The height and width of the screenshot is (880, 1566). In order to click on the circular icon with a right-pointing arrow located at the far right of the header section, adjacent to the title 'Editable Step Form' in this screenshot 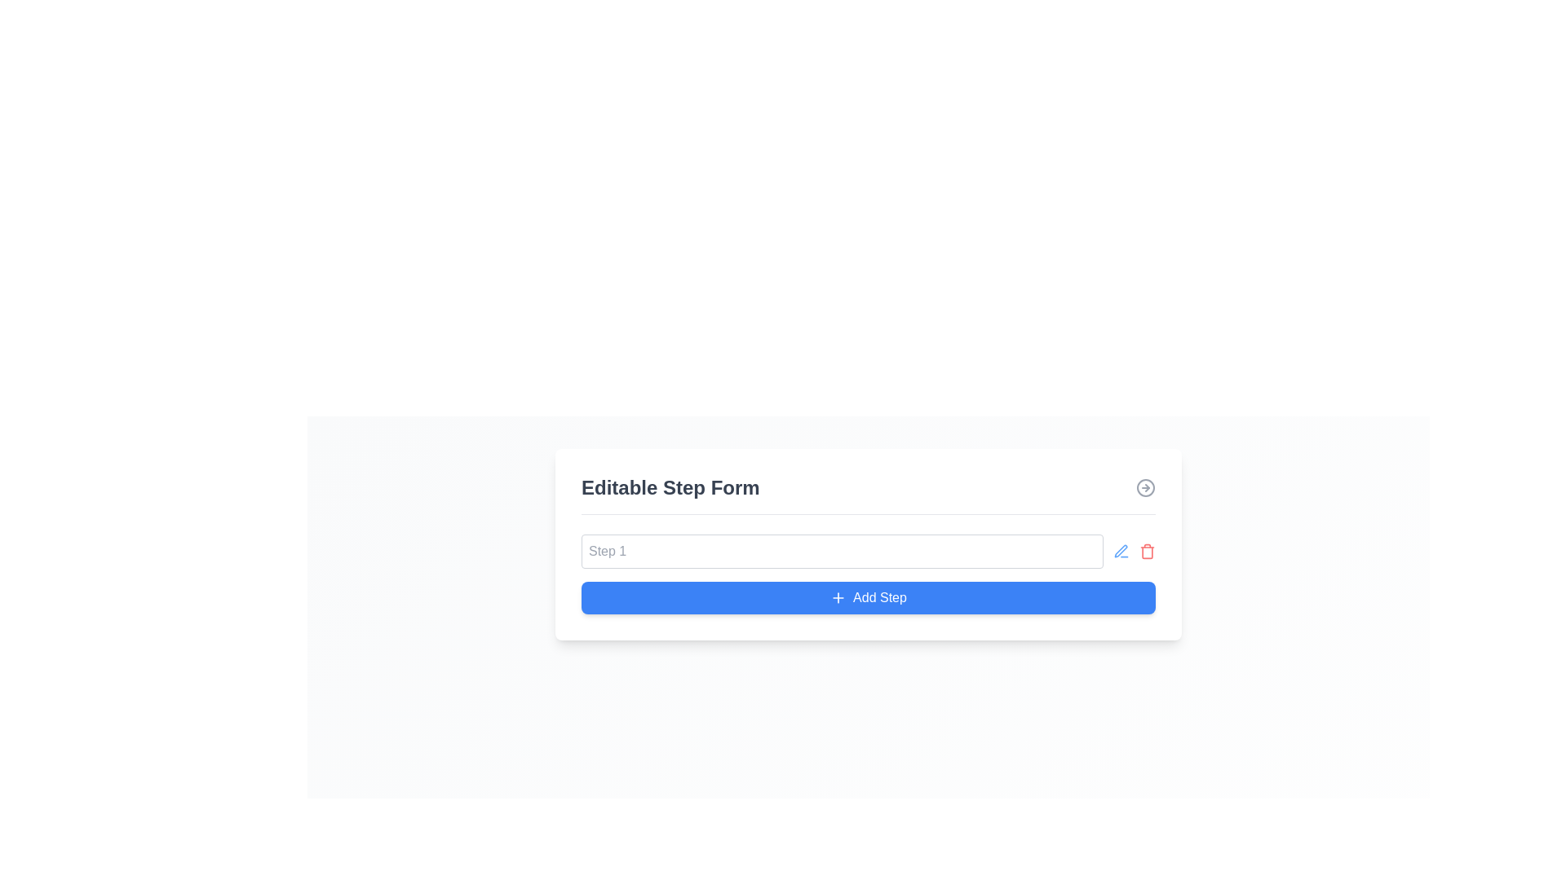, I will do `click(1145, 486)`.